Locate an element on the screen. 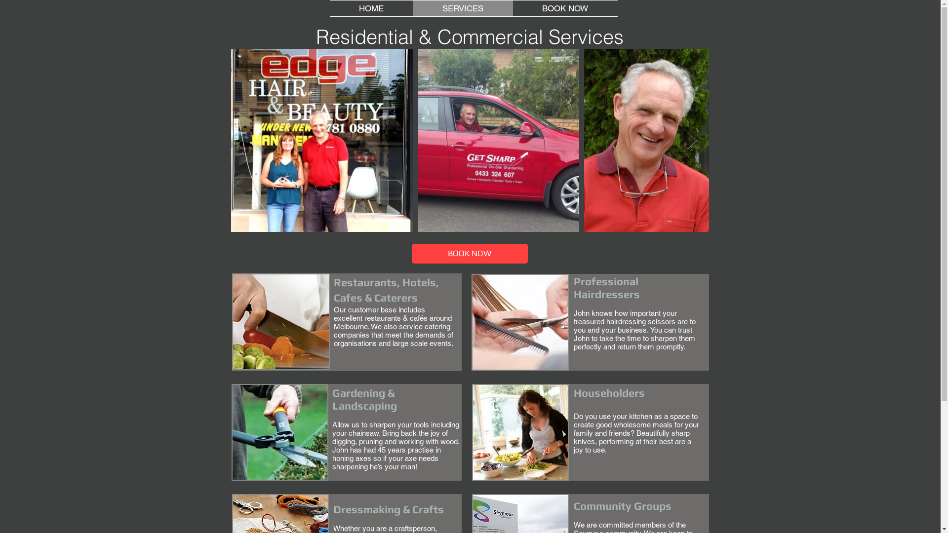  'HOME' is located at coordinates (371, 8).